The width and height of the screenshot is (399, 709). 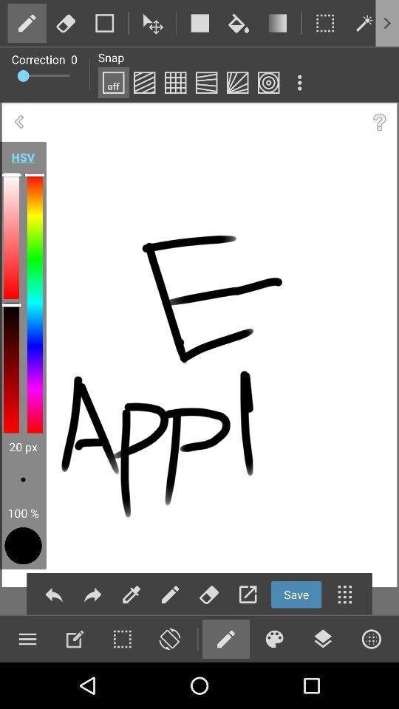 What do you see at coordinates (379, 121) in the screenshot?
I see `help button` at bounding box center [379, 121].